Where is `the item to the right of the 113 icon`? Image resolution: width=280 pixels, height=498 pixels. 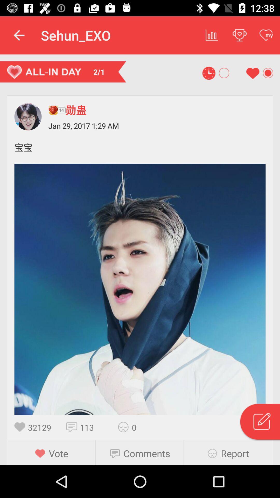 the item to the right of the 113 icon is located at coordinates (125, 427).